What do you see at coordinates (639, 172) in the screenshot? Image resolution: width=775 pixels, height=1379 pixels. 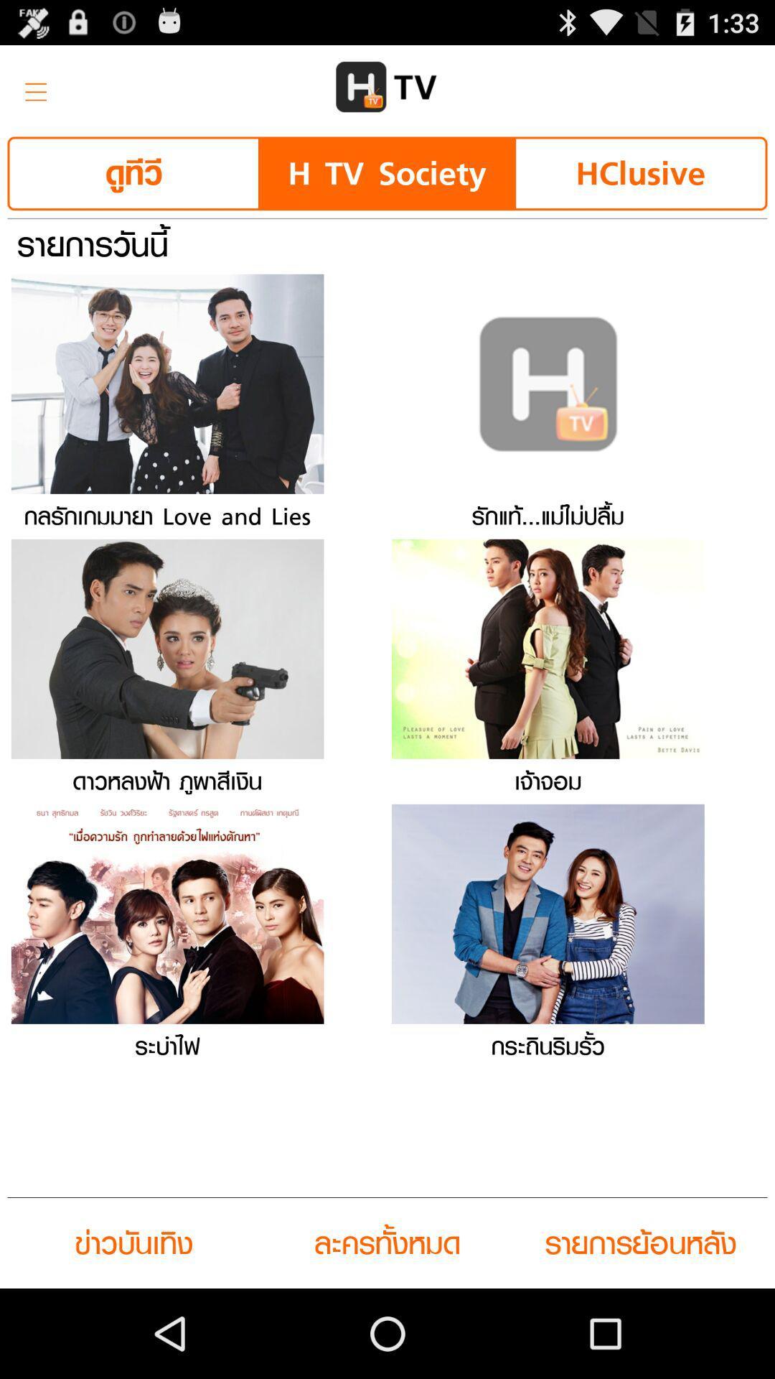 I see `the hclusive icon` at bounding box center [639, 172].